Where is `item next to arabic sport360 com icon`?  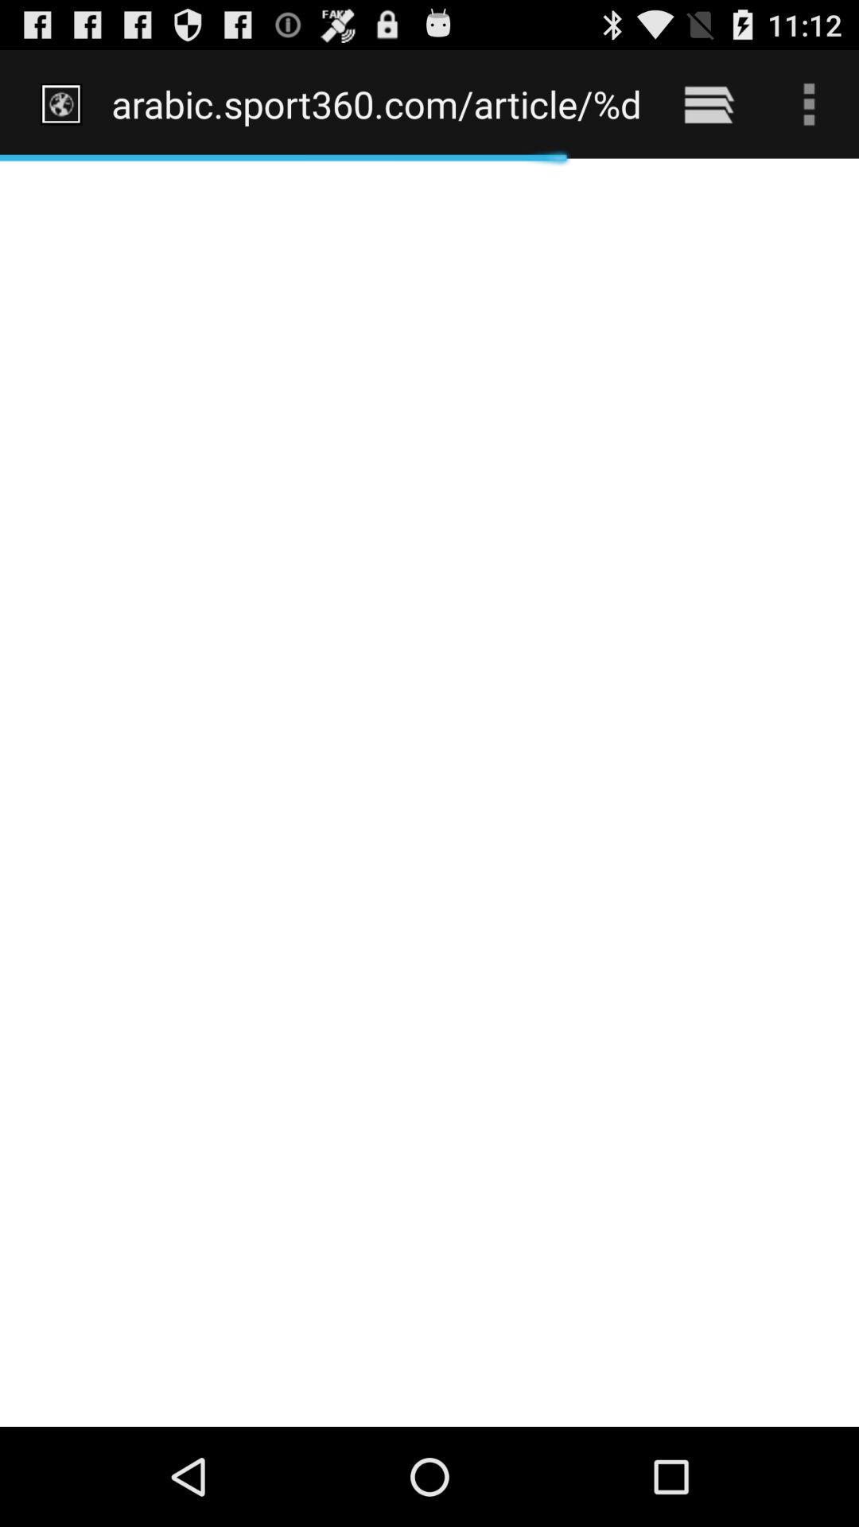
item next to arabic sport360 com icon is located at coordinates (708, 103).